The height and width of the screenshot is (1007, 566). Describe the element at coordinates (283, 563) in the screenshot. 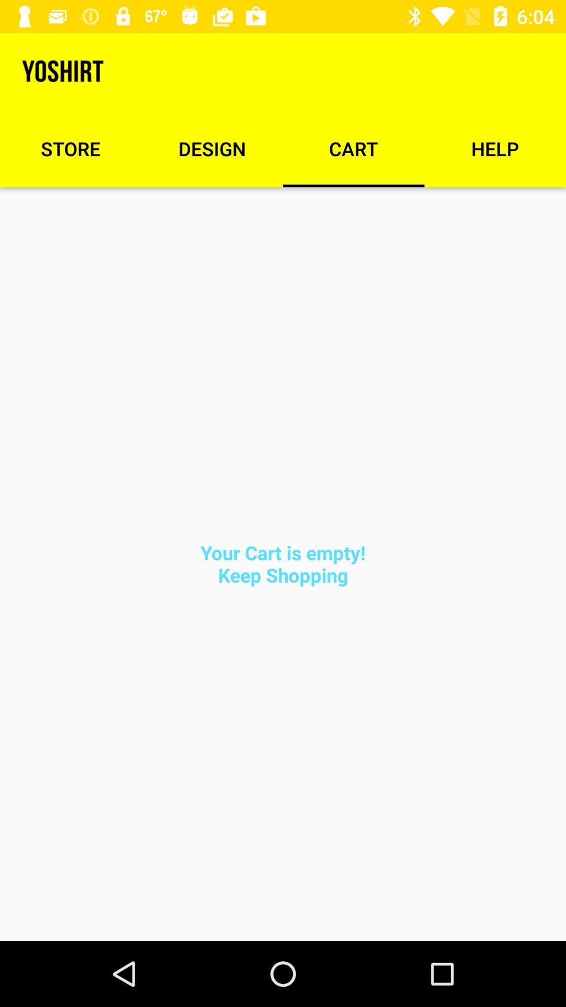

I see `your cart is icon` at that location.